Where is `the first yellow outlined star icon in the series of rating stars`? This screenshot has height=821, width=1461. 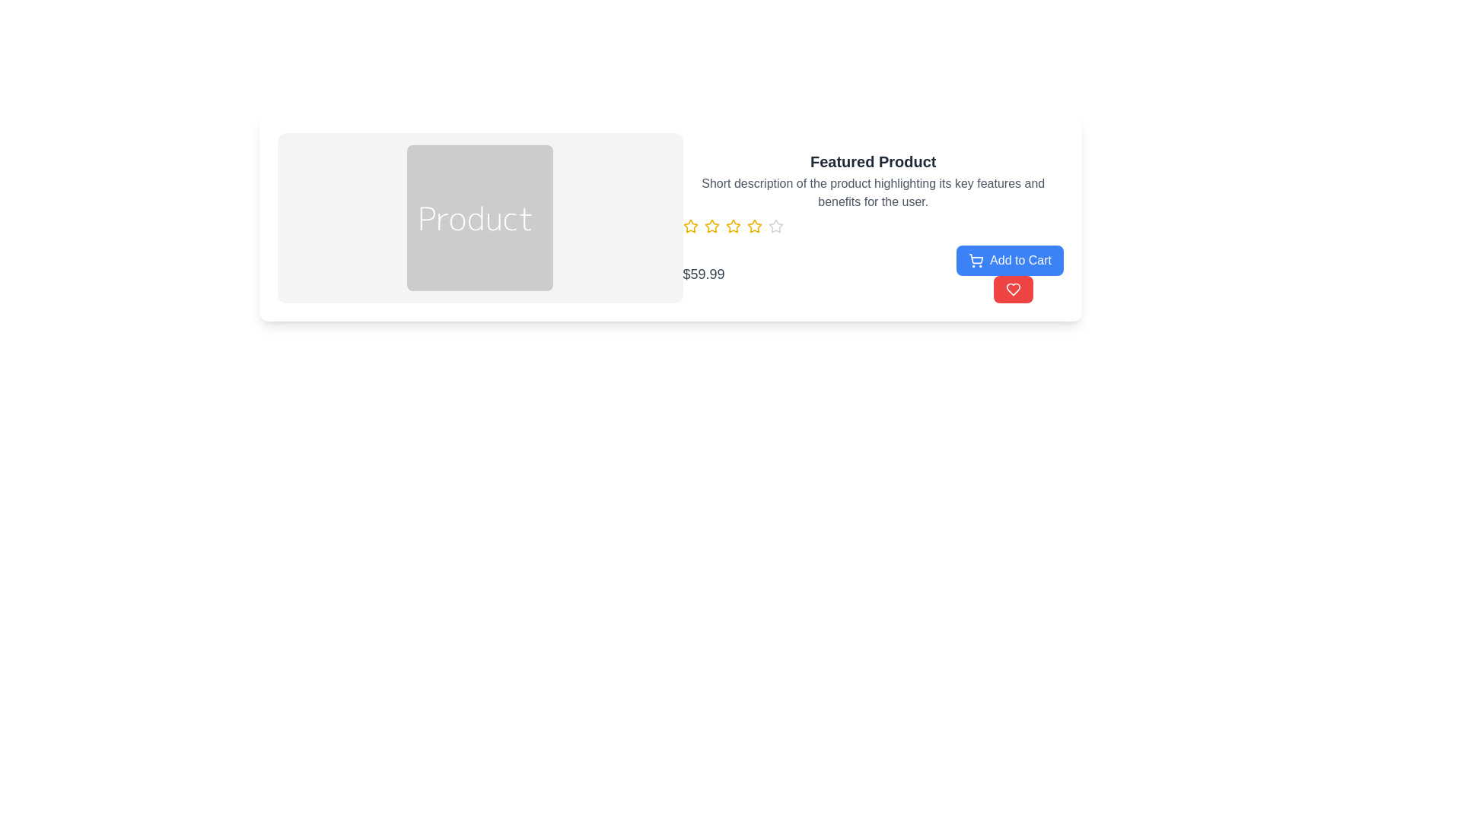 the first yellow outlined star icon in the series of rating stars is located at coordinates (689, 226).